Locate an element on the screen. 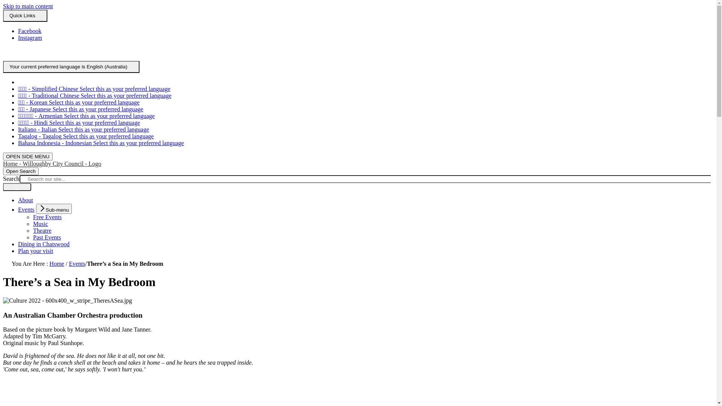 Image resolution: width=722 pixels, height=406 pixels. 'Sub-menu' is located at coordinates (54, 209).